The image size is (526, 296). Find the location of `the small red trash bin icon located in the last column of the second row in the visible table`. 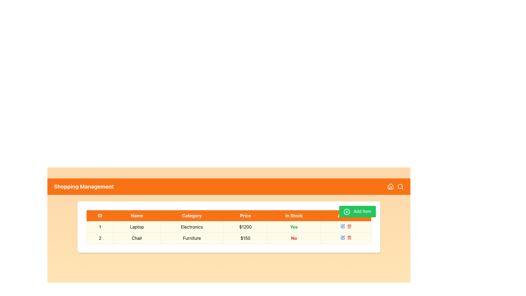

the small red trash bin icon located in the last column of the second row in the visible table is located at coordinates (349, 226).